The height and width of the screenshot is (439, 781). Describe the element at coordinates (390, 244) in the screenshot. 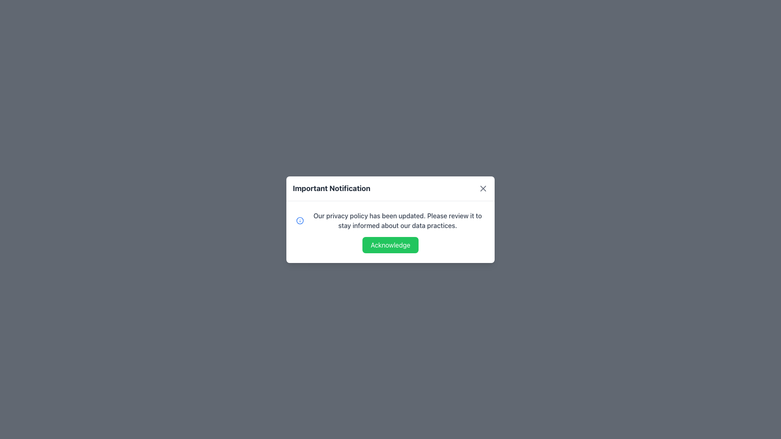

I see `the 'Acknowledge' button, which is a green button with white text located at the bottom of the notification modal` at that location.